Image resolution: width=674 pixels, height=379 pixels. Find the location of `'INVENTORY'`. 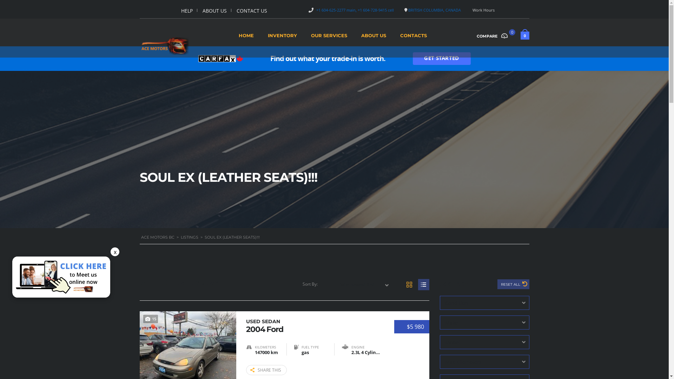

'INVENTORY' is located at coordinates (267, 38).